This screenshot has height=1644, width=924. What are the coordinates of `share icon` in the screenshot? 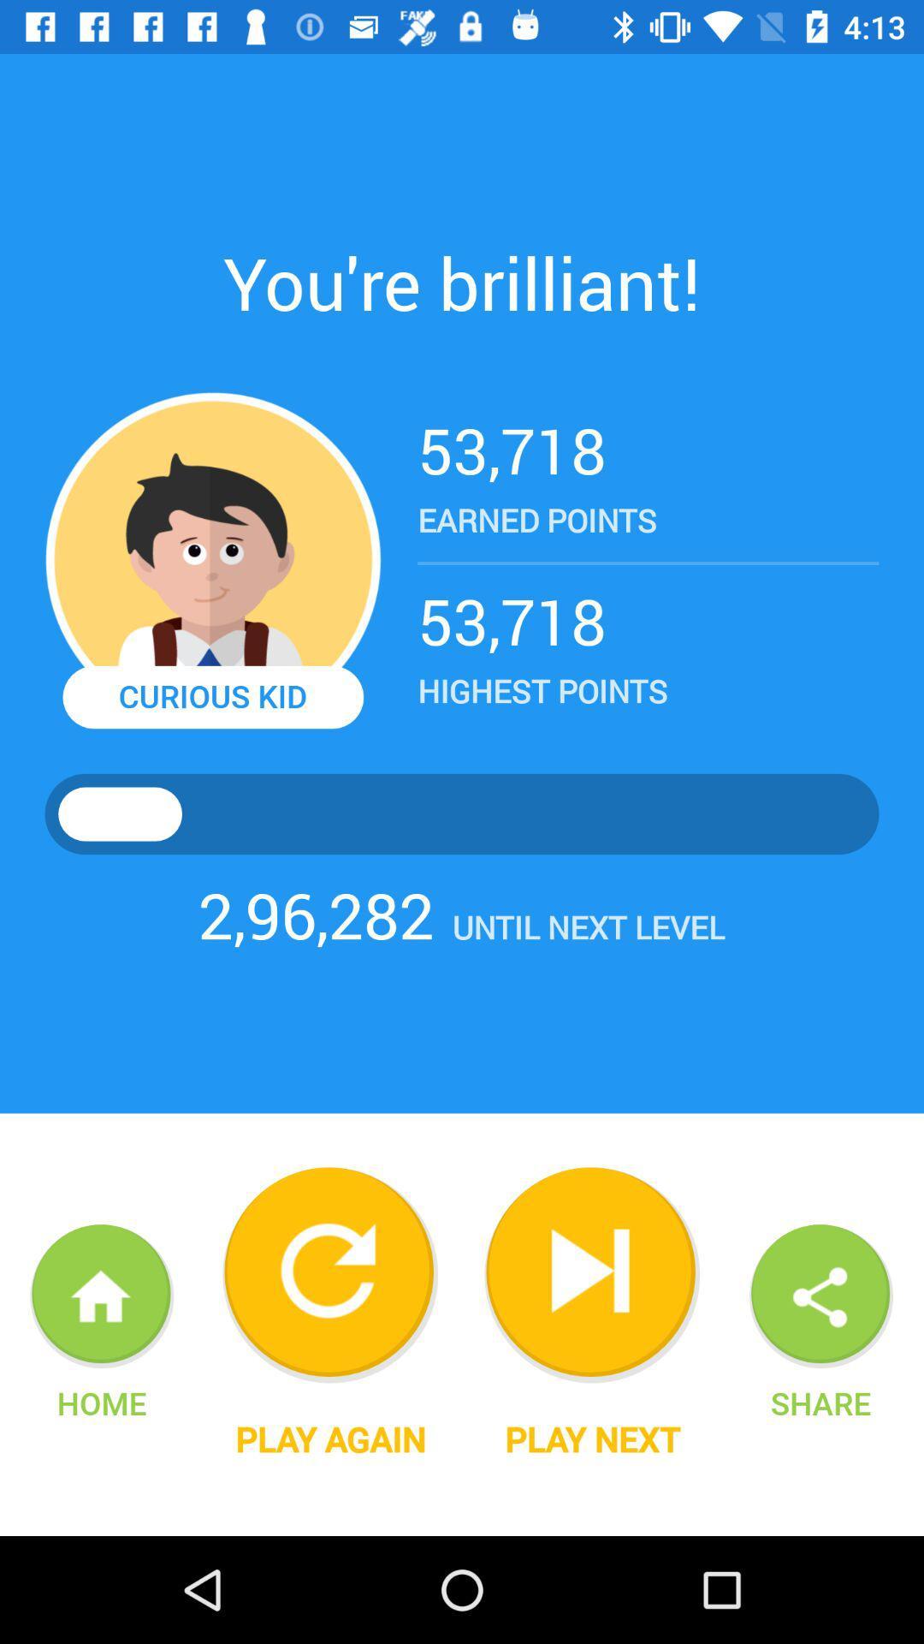 It's located at (820, 1403).